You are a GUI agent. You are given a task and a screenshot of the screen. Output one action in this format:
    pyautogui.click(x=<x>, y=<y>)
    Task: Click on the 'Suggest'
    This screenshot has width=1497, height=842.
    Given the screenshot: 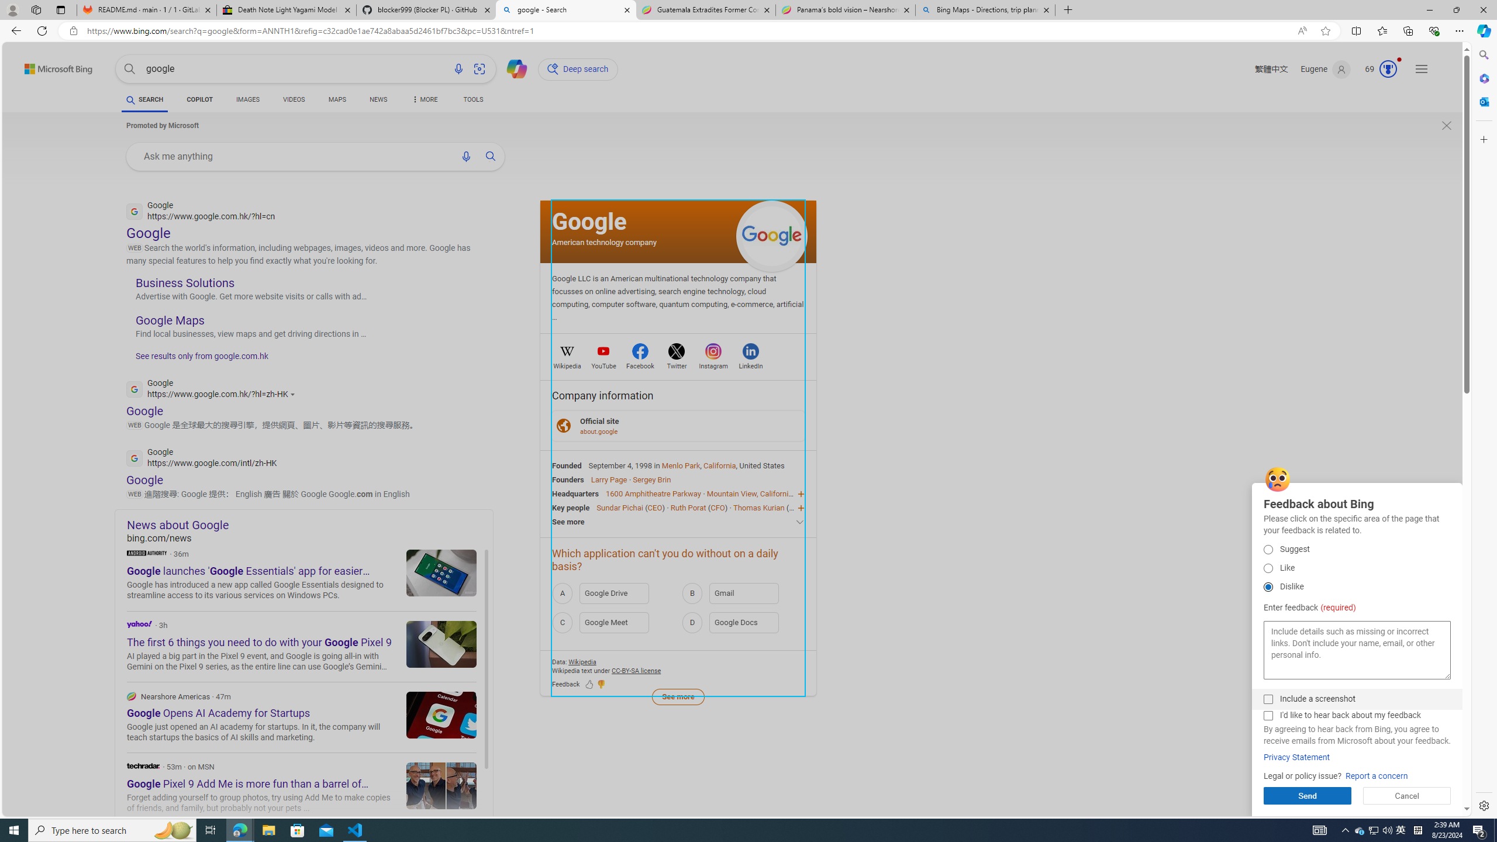 What is the action you would take?
    pyautogui.click(x=1268, y=548)
    